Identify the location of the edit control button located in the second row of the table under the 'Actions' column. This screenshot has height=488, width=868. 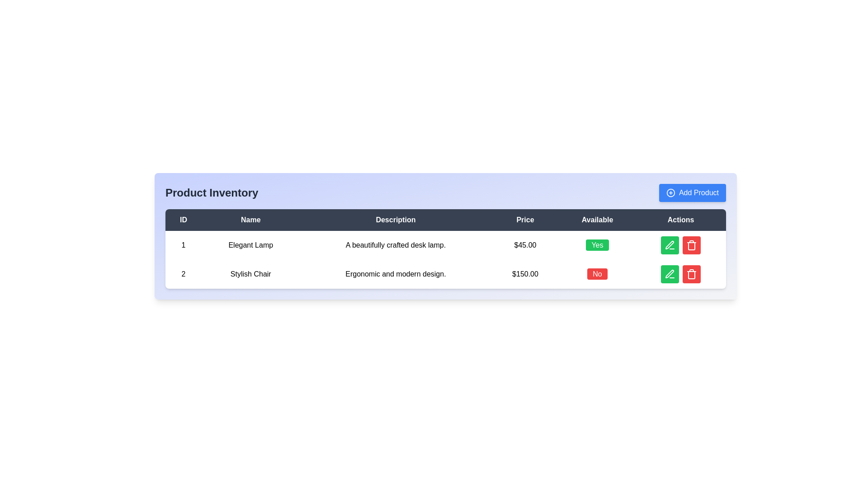
(670, 273).